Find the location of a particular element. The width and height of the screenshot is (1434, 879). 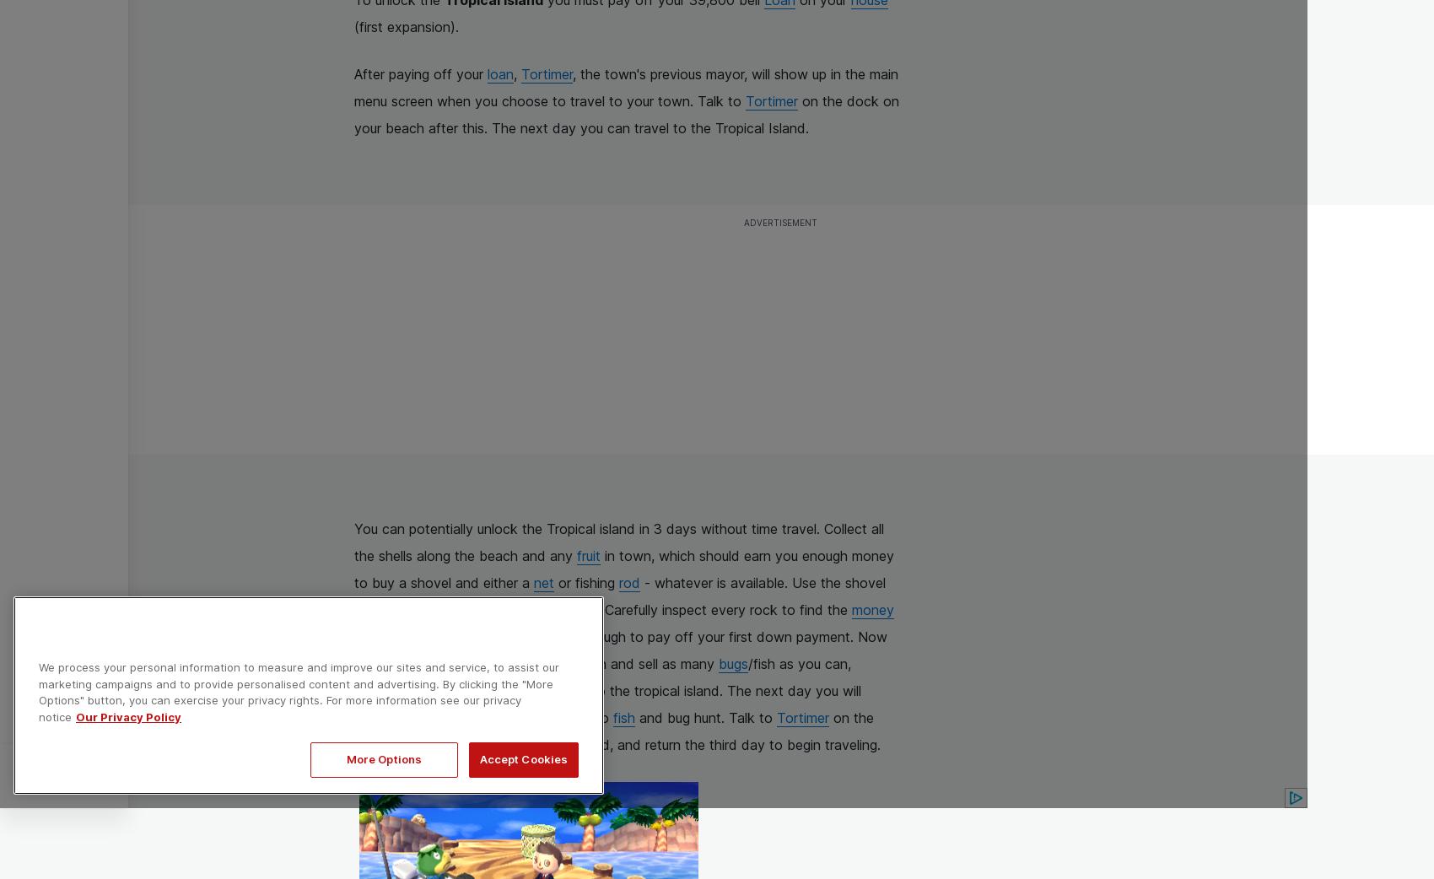

'Register' is located at coordinates (154, 774).